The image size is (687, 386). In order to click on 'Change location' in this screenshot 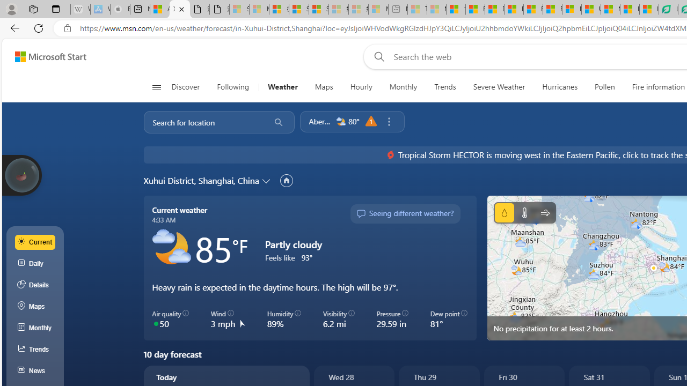, I will do `click(267, 180)`.